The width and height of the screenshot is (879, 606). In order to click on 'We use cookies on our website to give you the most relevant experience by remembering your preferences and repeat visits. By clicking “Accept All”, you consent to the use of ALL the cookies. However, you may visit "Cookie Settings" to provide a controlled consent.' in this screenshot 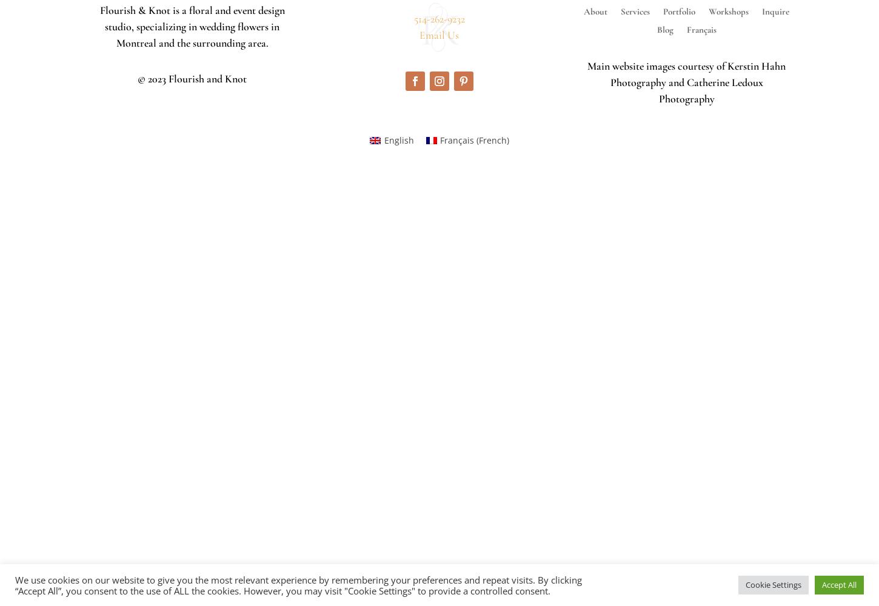, I will do `click(298, 584)`.